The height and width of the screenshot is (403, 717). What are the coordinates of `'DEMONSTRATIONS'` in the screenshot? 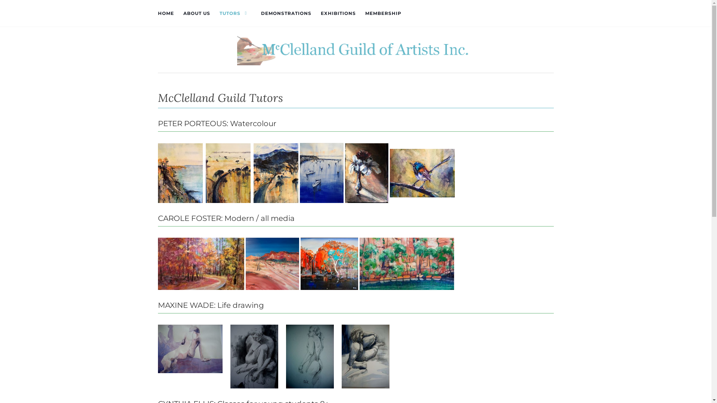 It's located at (285, 13).